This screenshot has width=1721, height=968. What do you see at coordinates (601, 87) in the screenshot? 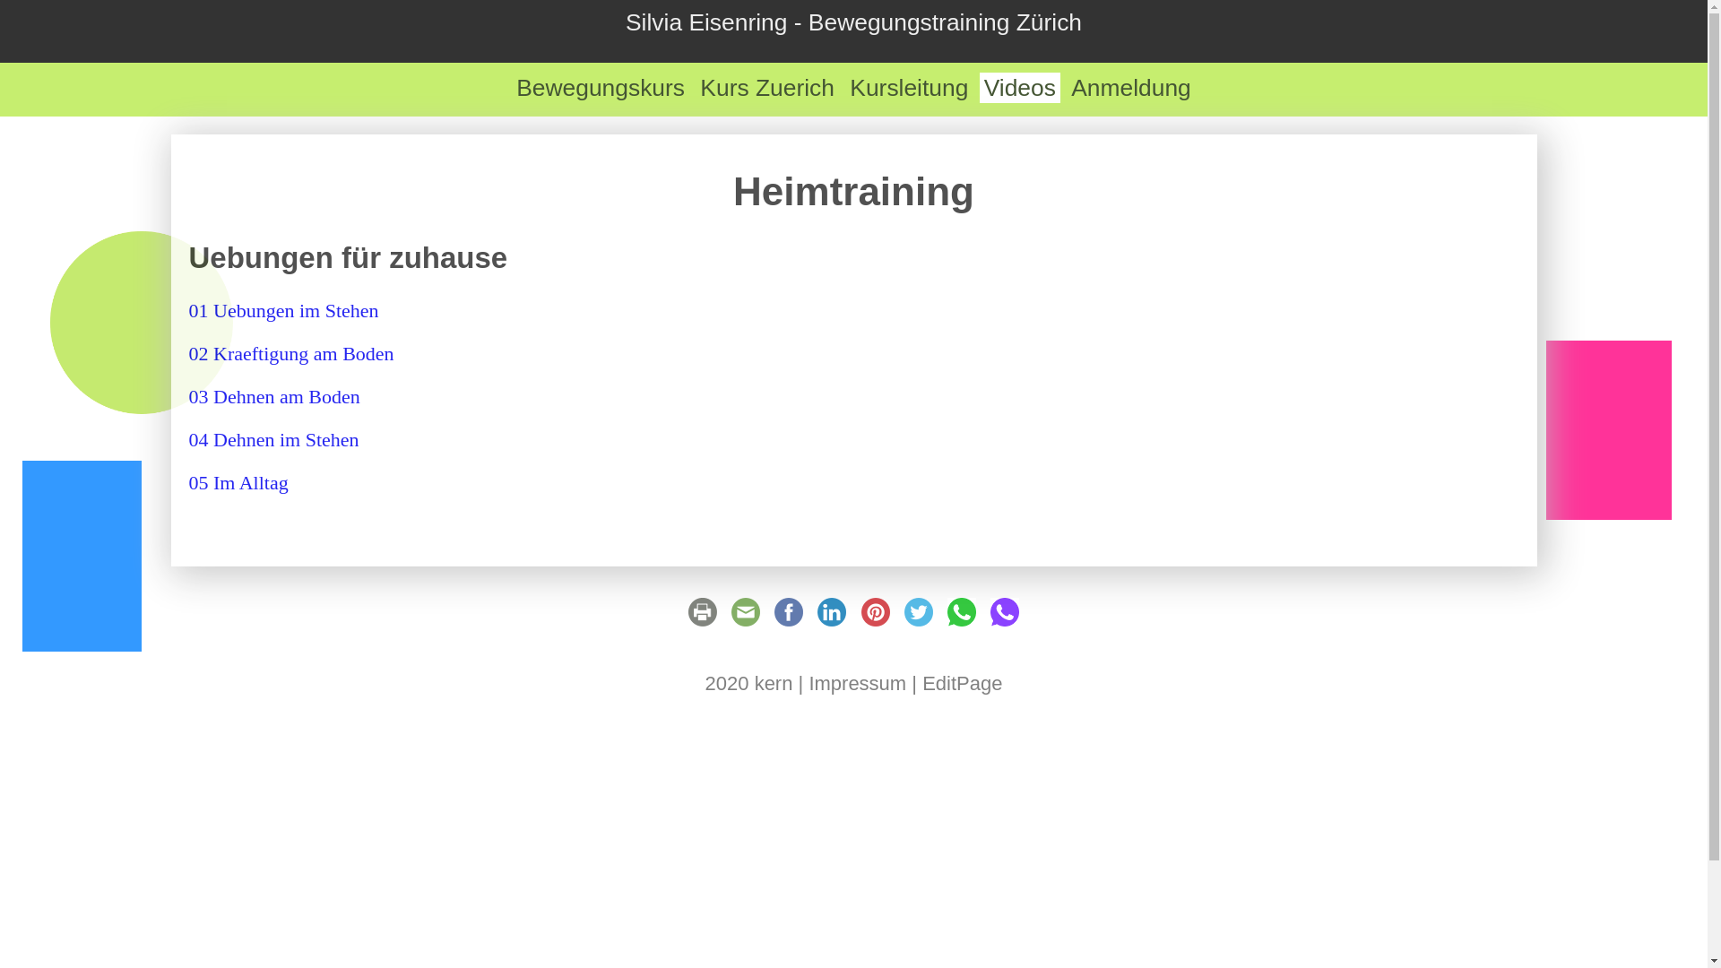
I see `'Bewegungskurs'` at bounding box center [601, 87].